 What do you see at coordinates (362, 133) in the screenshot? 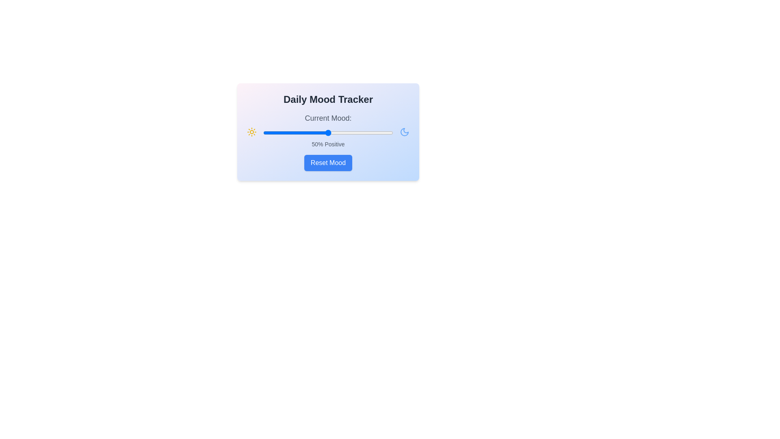
I see `the mood percentage` at bounding box center [362, 133].